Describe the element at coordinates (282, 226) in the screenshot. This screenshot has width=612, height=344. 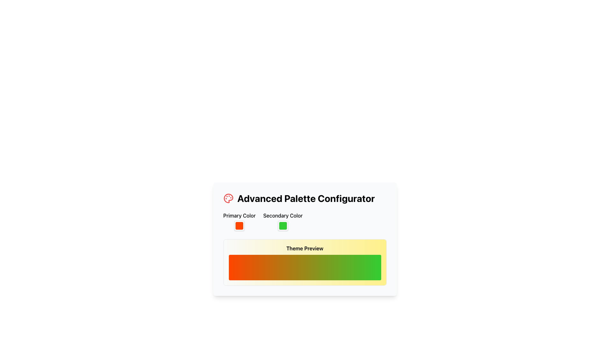
I see `the Color Picker Button for the Secondary Color located in the Advanced Palette Configurator, positioned to the right of the Primary Color button` at that location.